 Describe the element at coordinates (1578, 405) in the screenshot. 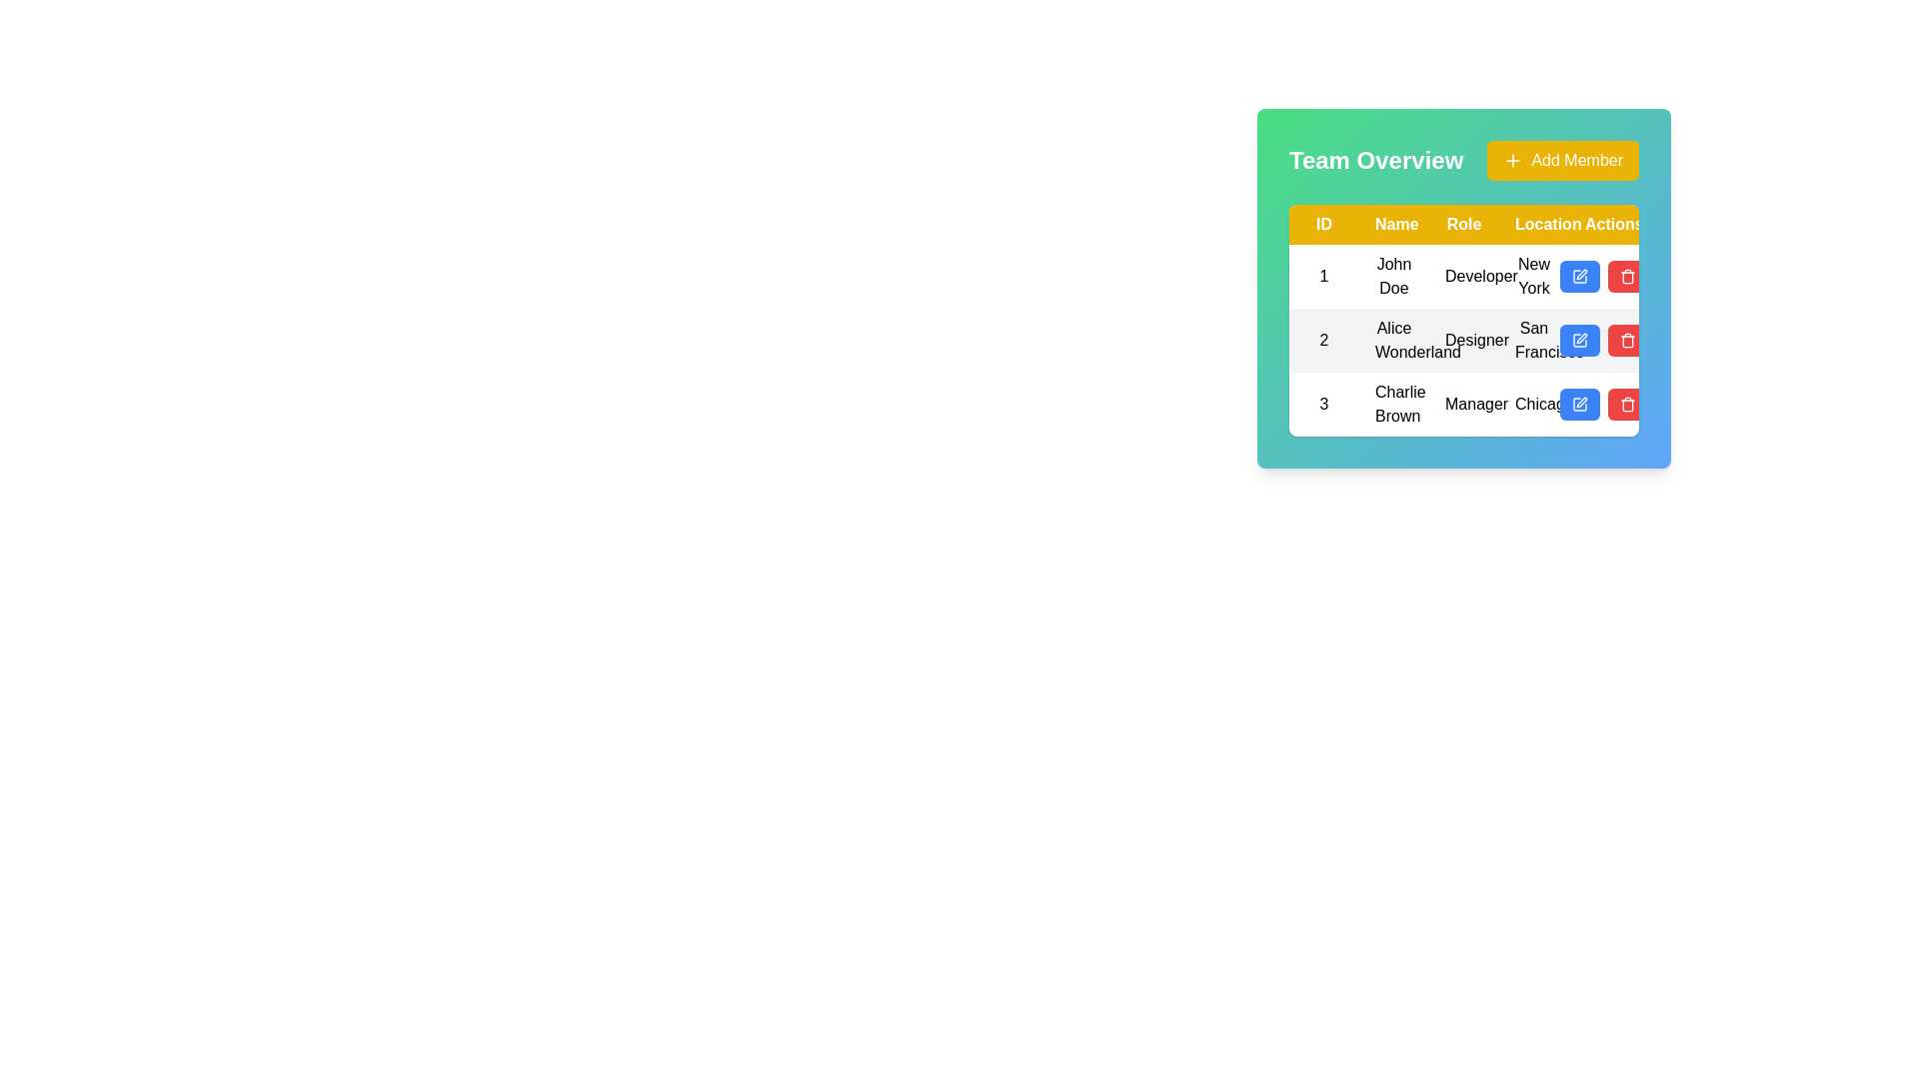

I see `the button containing the blue square with a pen icon for the entry of 'Charlie Brown' in the 'Team Overview' table to enable keyboard navigation` at that location.